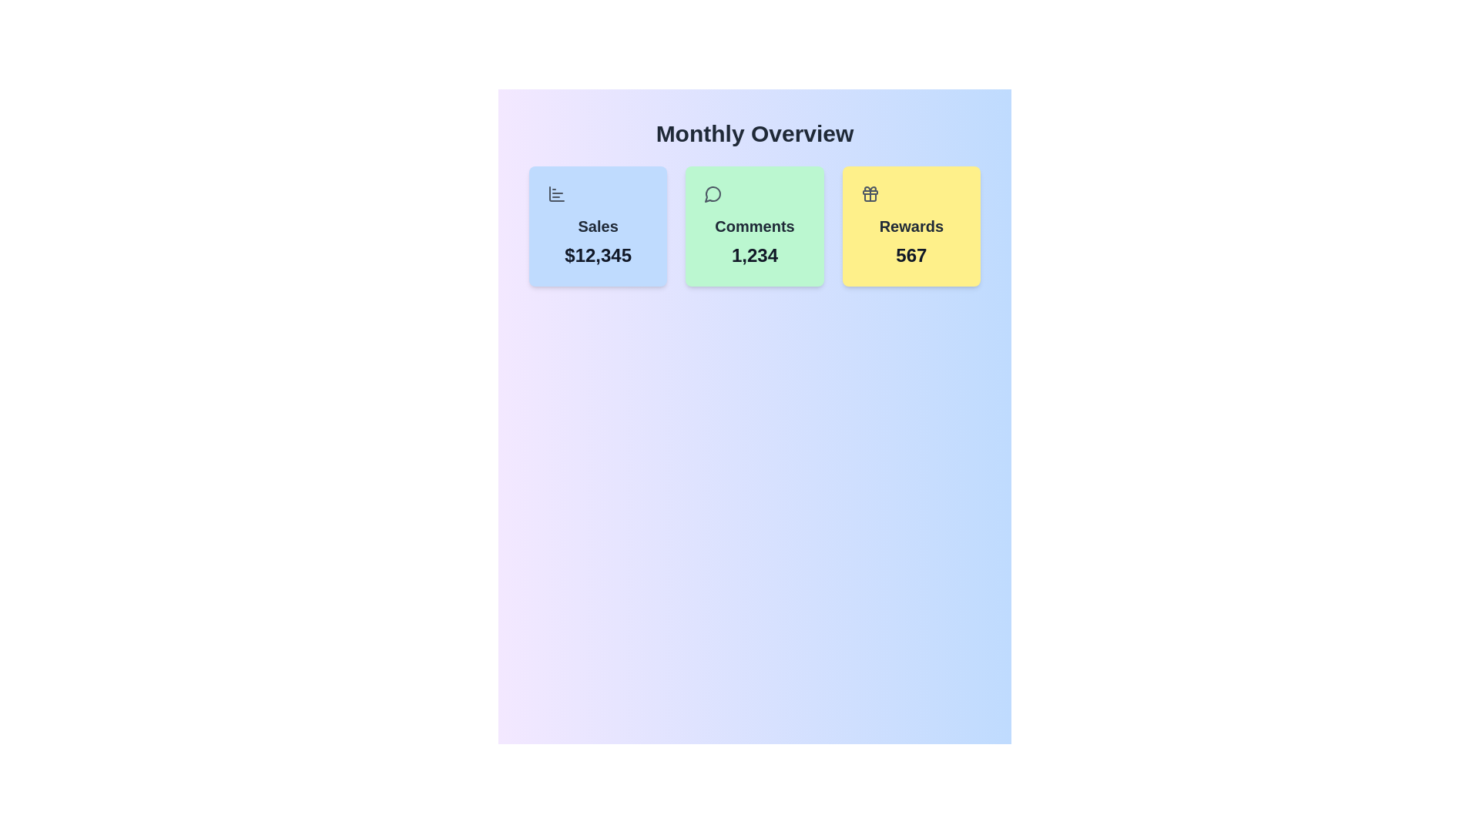 Image resolution: width=1479 pixels, height=832 pixels. Describe the element at coordinates (597, 226) in the screenshot. I see `the Information display card that has a blue background, a shadowed border, a bar chart icon in the top-left corner, and displays the text 'Sales' and '$12,345'` at that location.